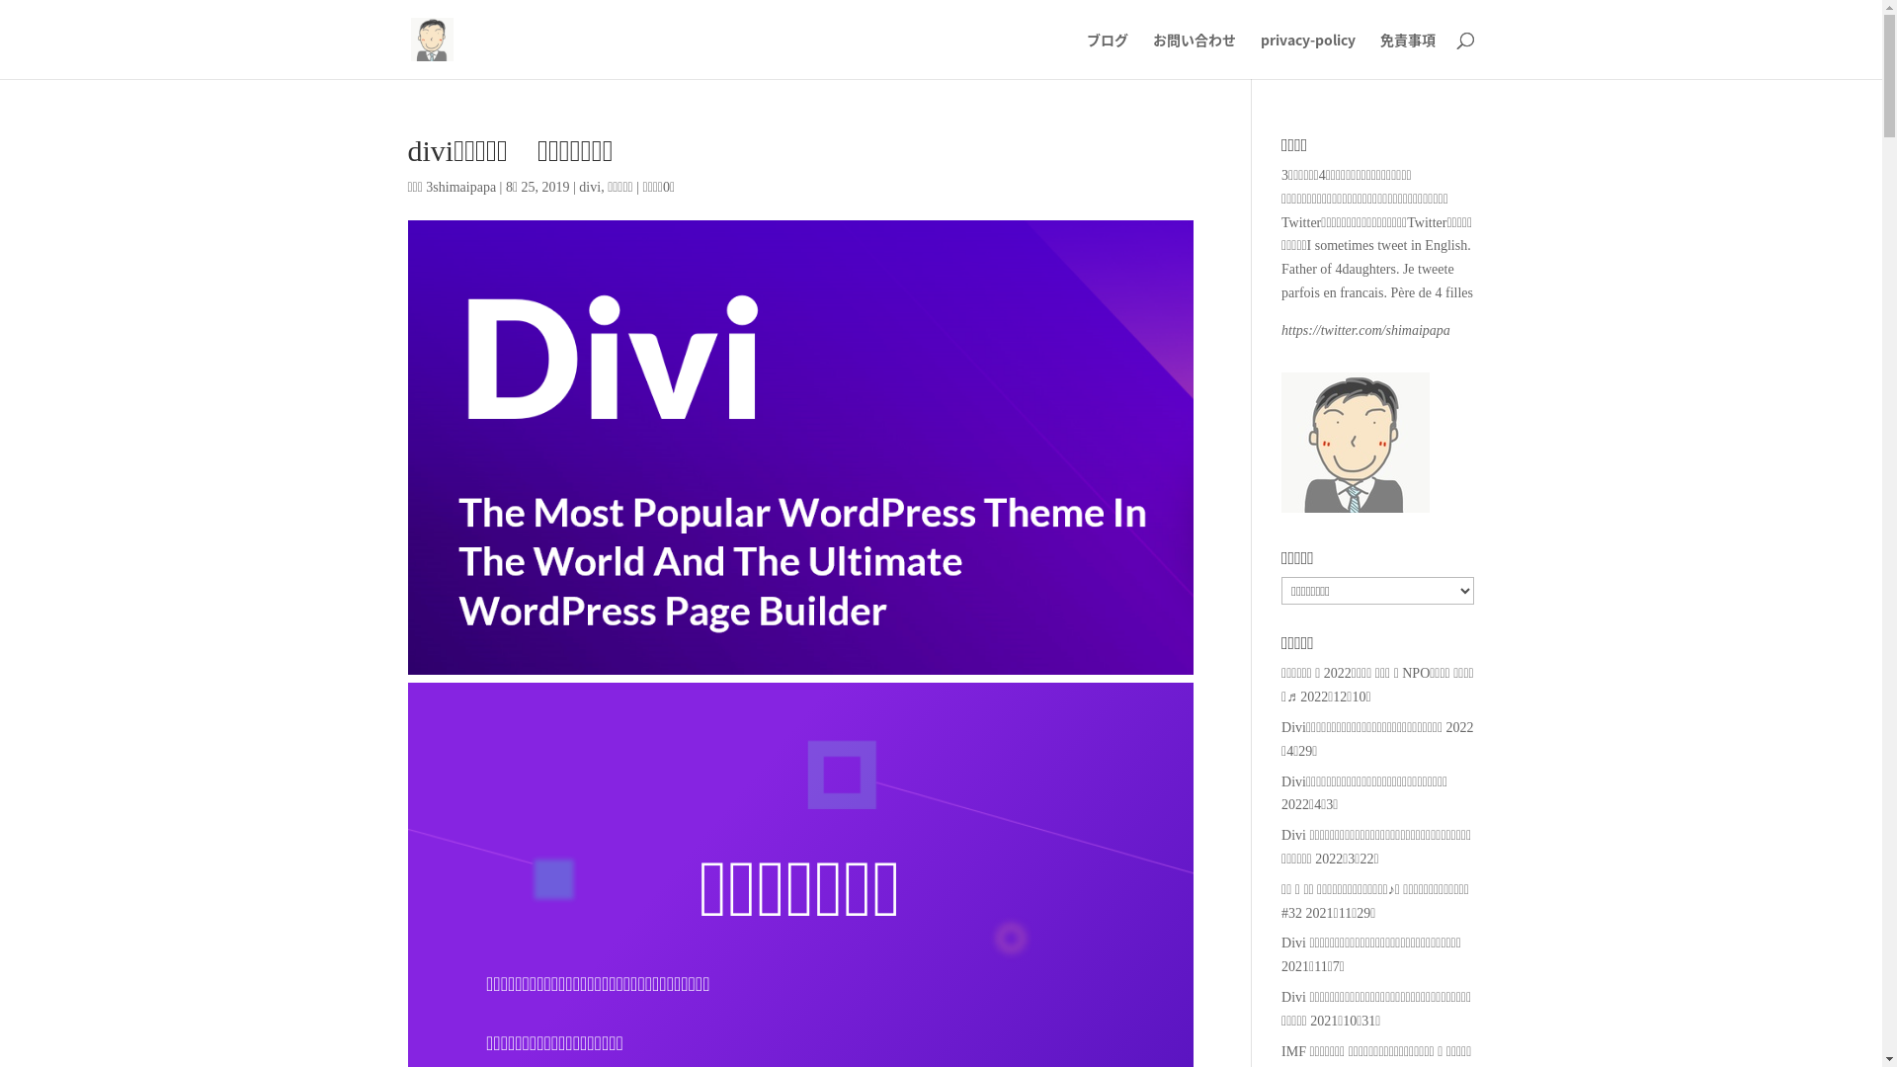 This screenshot has height=1067, width=1897. I want to click on 'https://twitter.com/shimaipapa', so click(1364, 329).